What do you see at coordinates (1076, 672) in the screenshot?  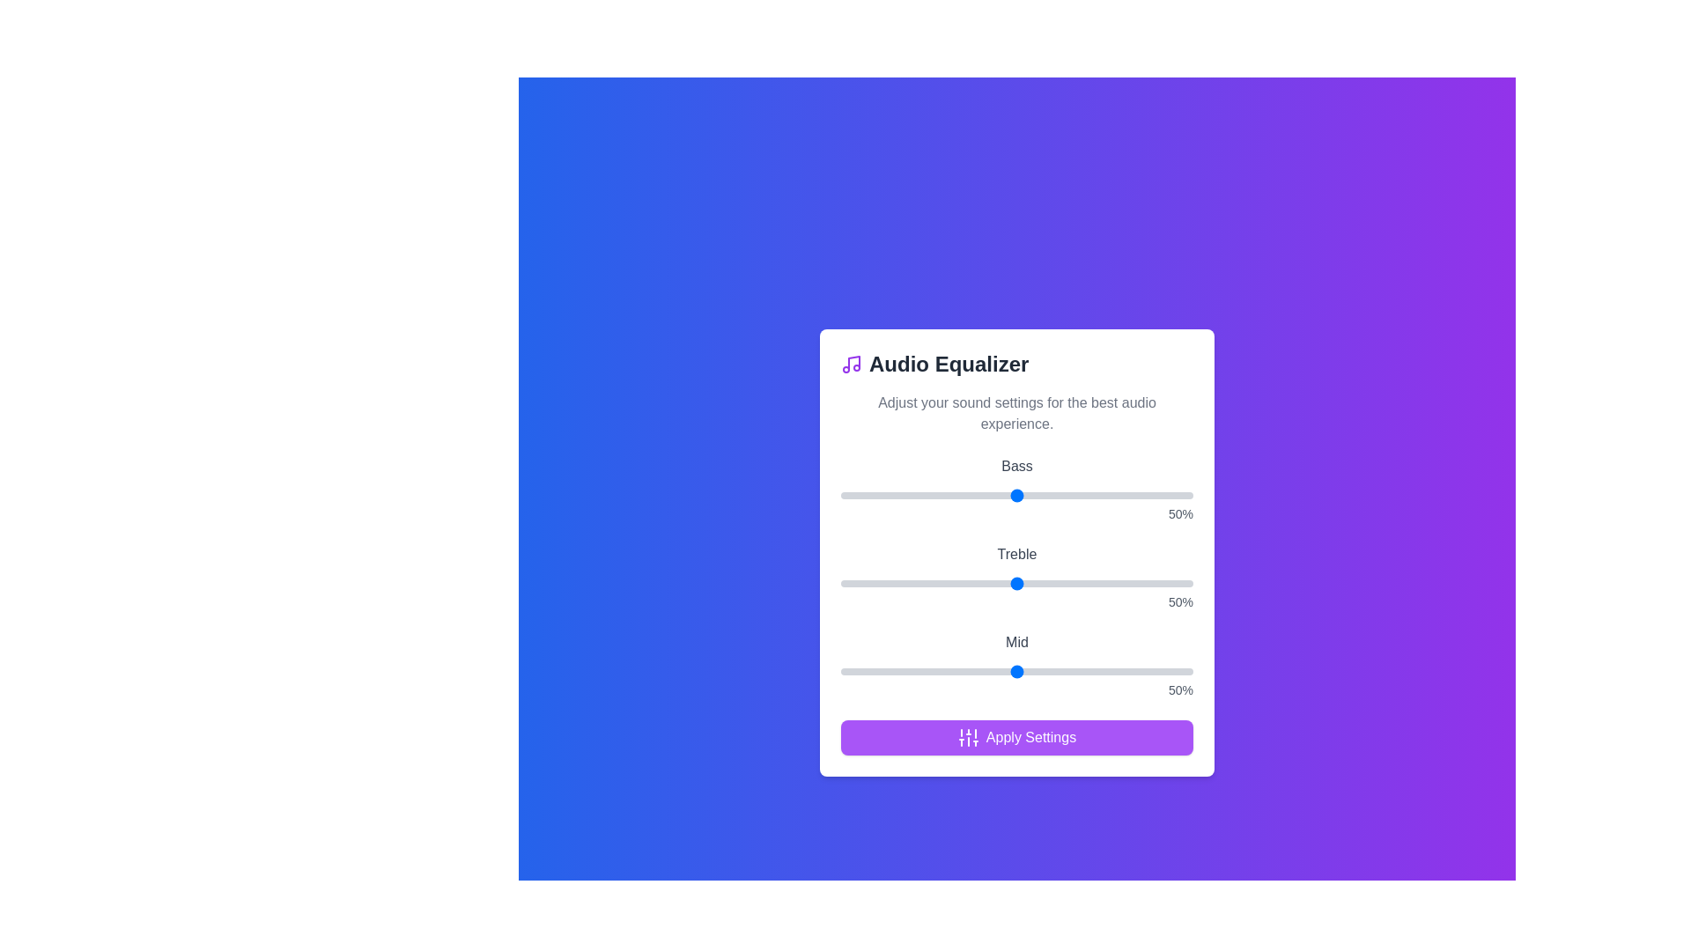 I see `the 'Mid' slider to 67%` at bounding box center [1076, 672].